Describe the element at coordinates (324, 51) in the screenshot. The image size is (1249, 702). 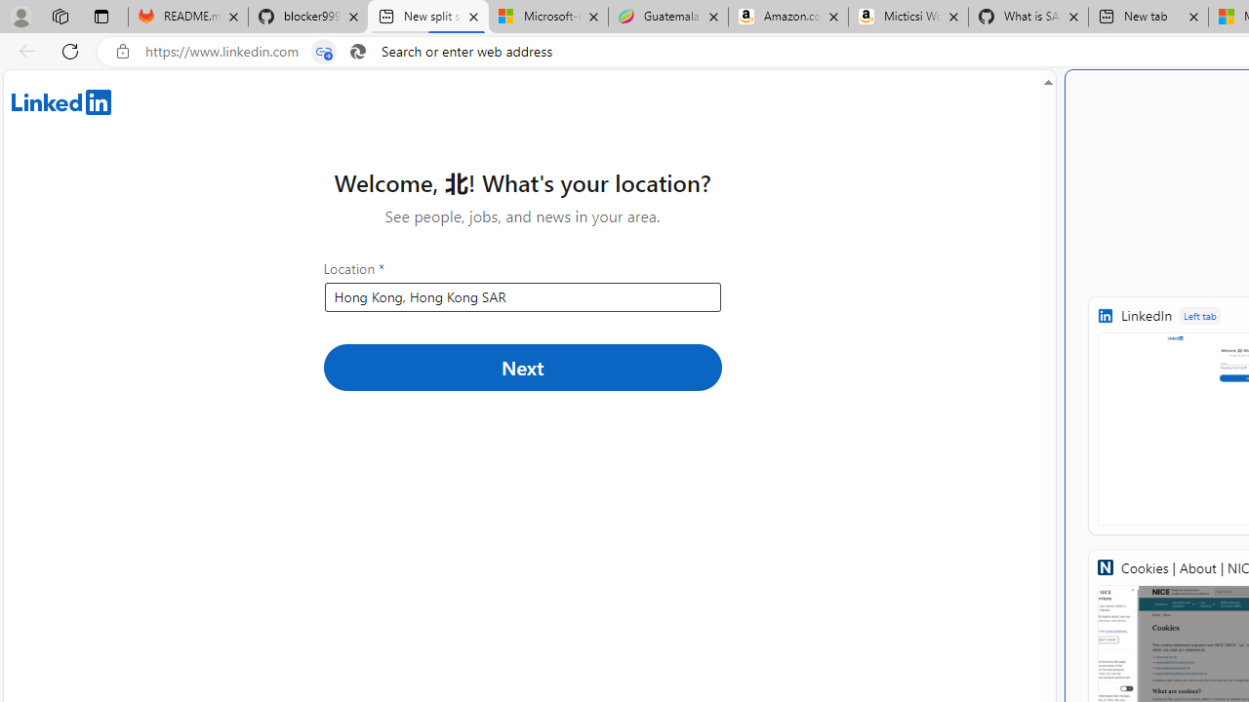
I see `'Tabs in split screen'` at that location.